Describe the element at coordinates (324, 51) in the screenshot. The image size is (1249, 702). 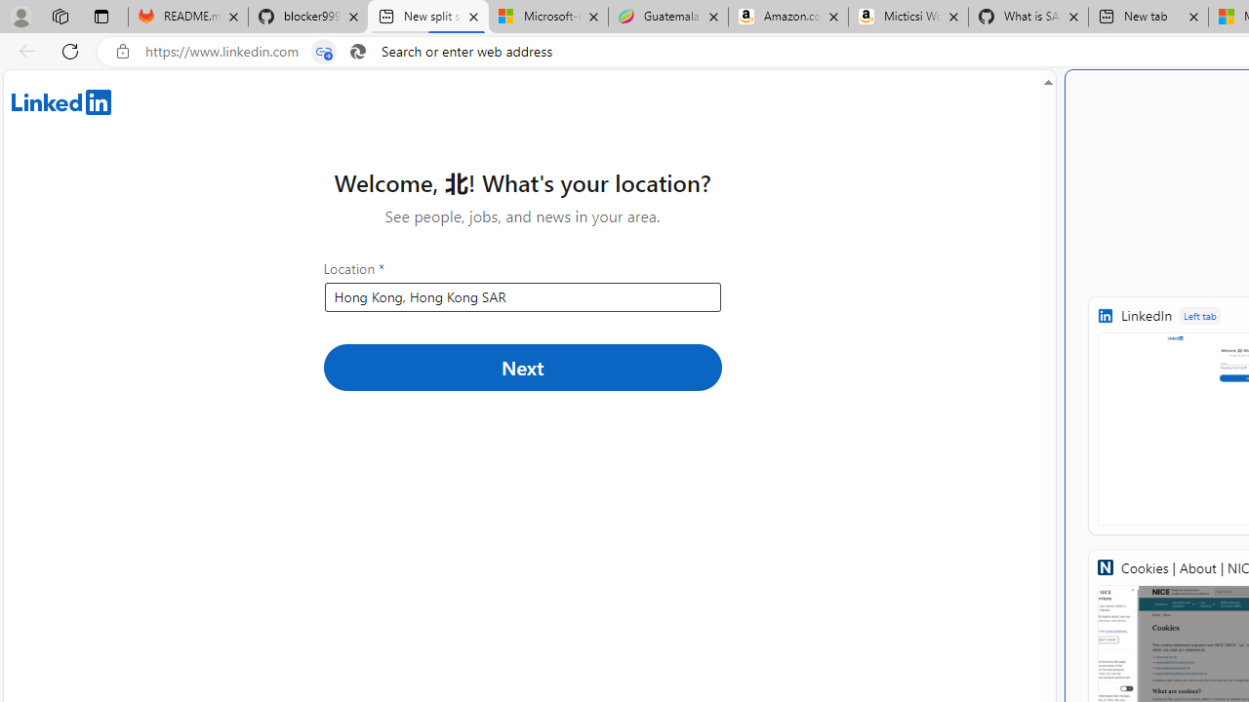
I see `'Tabs in split screen'` at that location.